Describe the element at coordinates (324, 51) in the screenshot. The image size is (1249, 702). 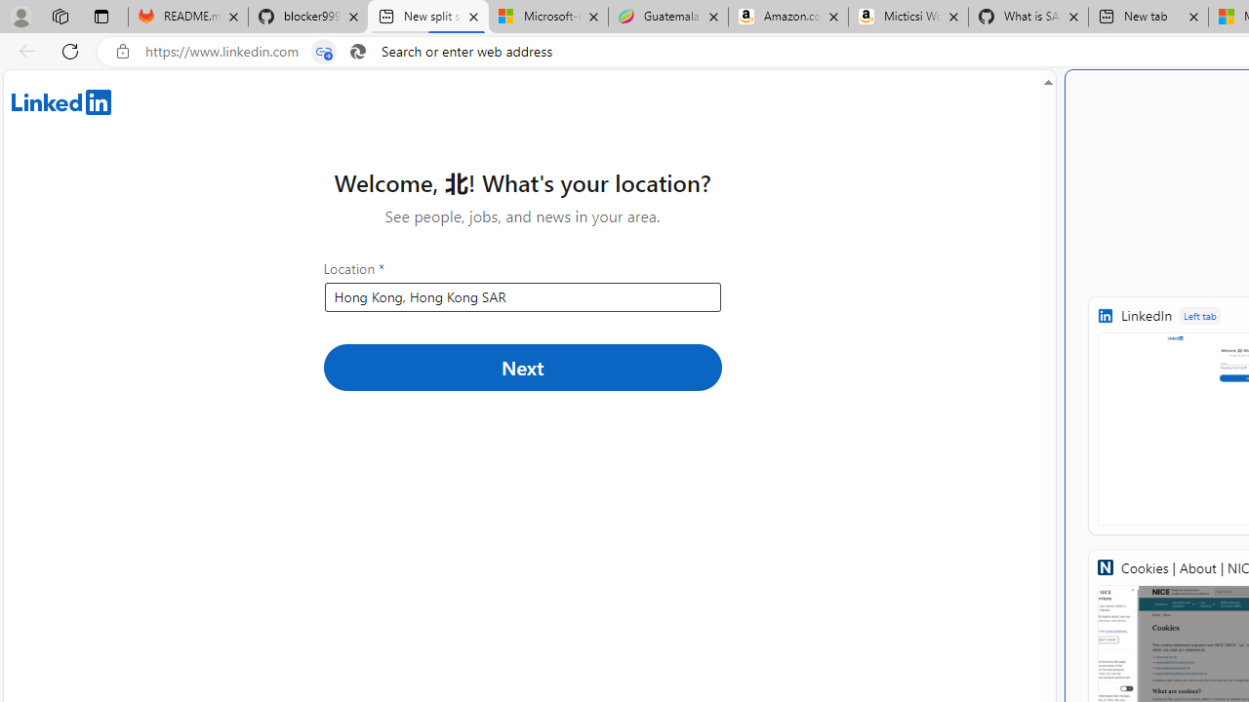
I see `'Tabs in split screen'` at that location.